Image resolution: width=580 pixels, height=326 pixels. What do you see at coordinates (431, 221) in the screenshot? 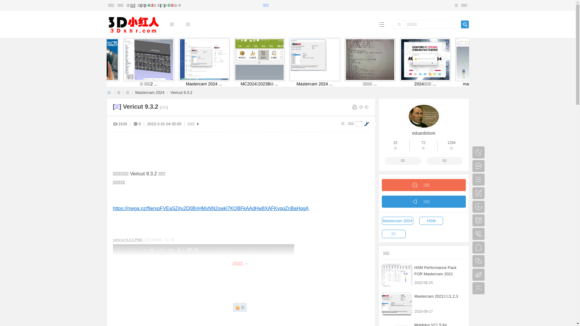
I see `'HSM'` at bounding box center [431, 221].